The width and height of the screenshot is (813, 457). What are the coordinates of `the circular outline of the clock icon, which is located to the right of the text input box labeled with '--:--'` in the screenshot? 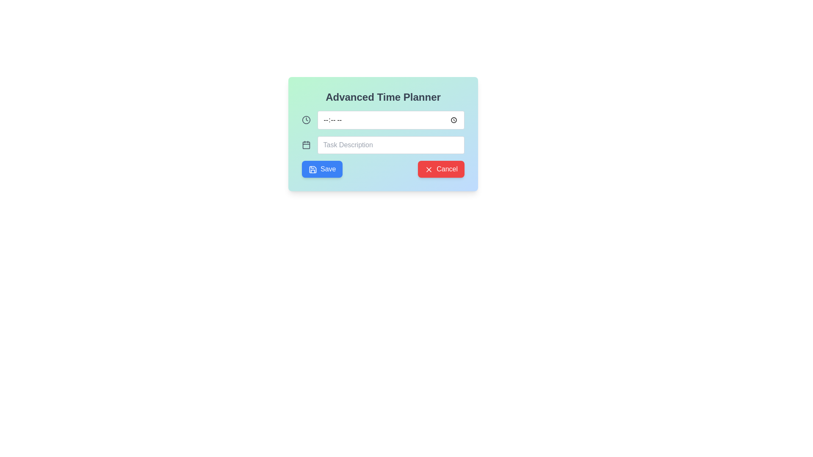 It's located at (306, 120).